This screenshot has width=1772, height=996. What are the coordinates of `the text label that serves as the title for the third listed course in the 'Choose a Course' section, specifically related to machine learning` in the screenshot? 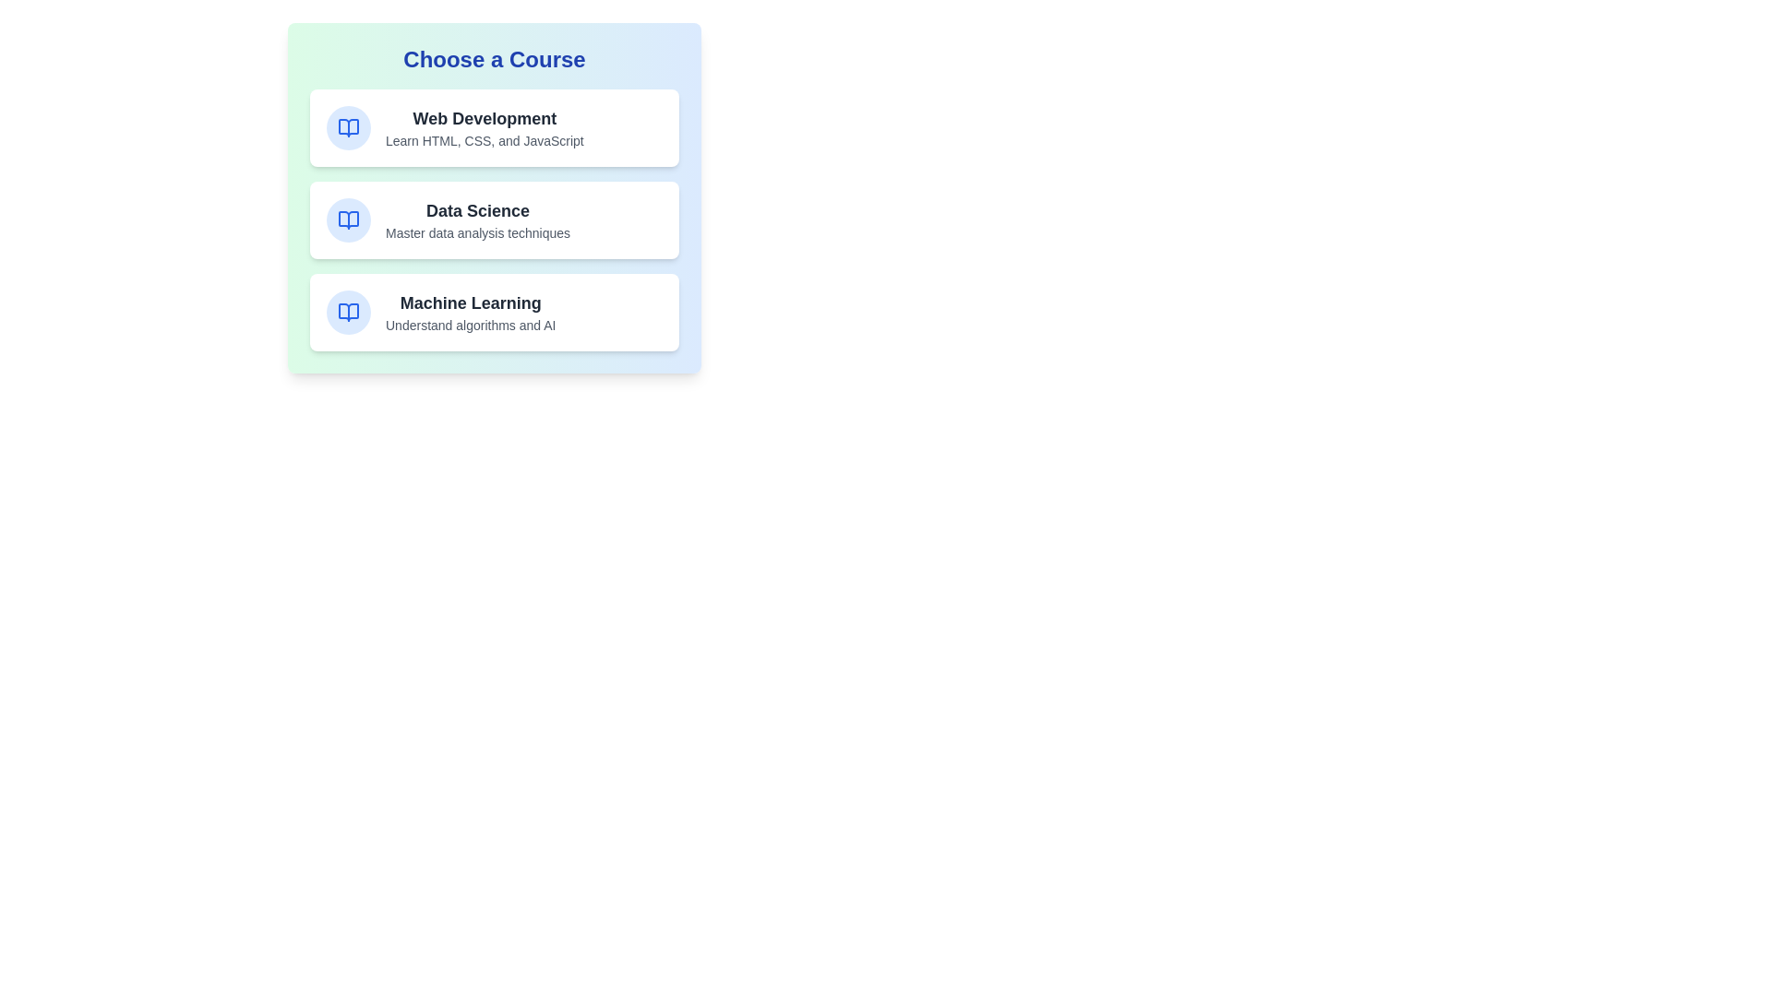 It's located at (471, 302).